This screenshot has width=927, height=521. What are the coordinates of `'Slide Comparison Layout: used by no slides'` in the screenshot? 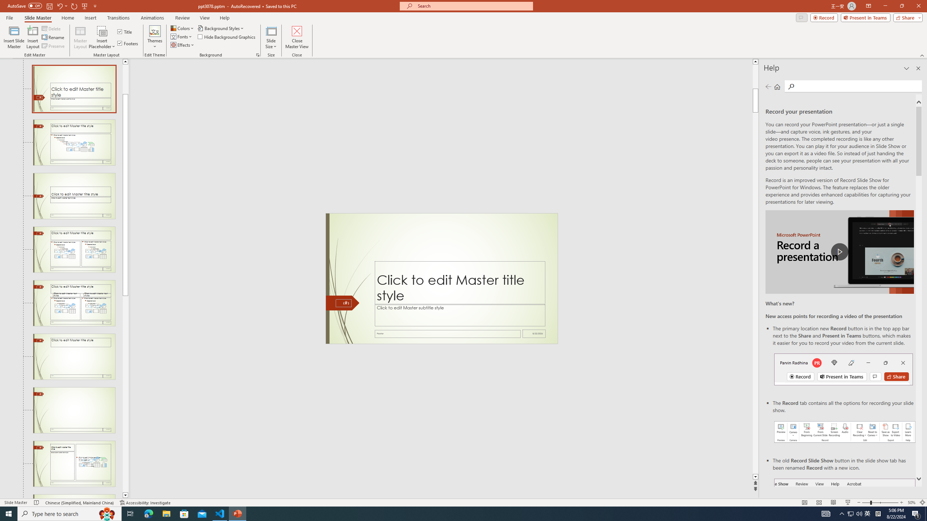 It's located at (74, 303).